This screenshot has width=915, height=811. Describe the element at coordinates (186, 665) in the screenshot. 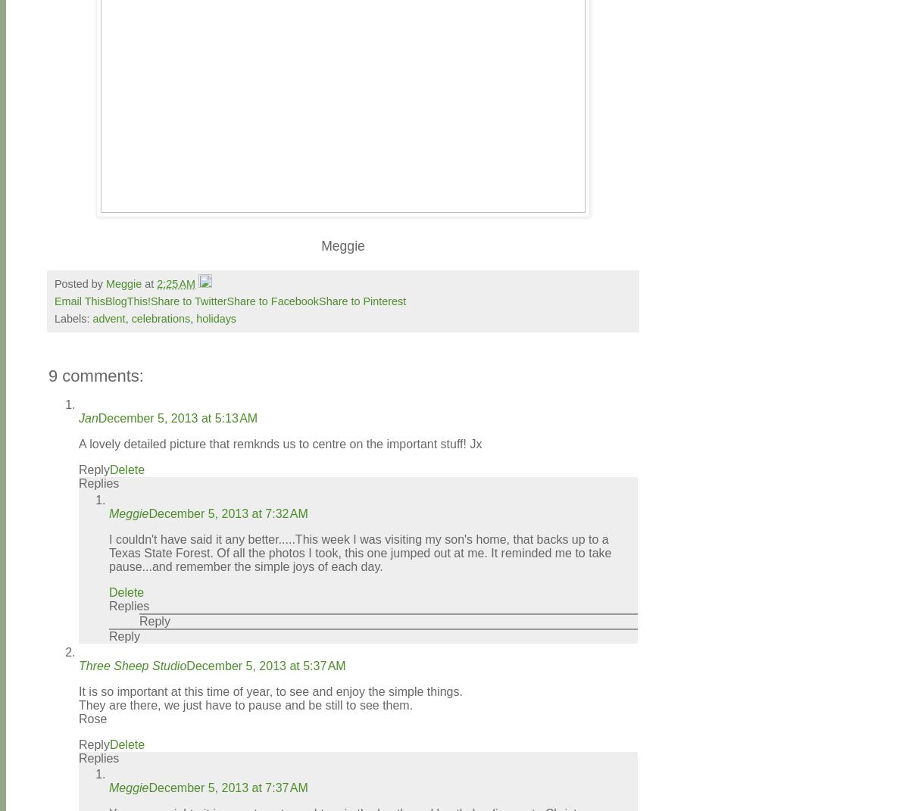

I see `'December 5, 2013 at 5:37 AM'` at that location.